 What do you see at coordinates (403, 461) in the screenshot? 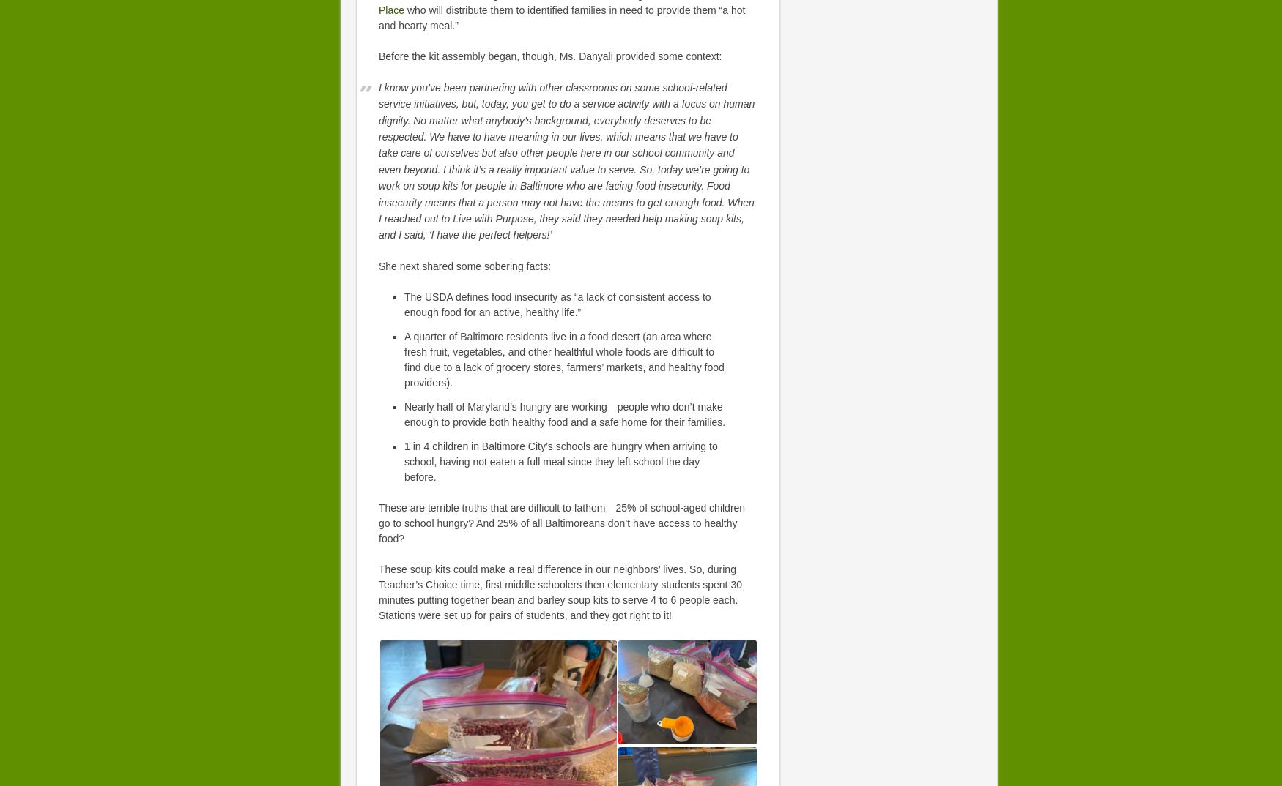
I see `'1 in 4 children in Baltimore City’s schools are hungry when arriving to school, having not eaten a full meal since they left school the day before.'` at bounding box center [403, 461].